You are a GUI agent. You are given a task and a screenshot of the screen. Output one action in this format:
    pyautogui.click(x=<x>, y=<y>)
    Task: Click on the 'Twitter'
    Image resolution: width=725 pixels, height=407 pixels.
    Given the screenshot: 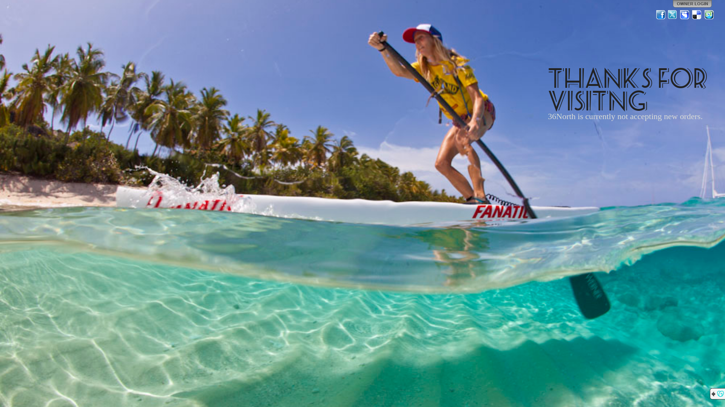 What is the action you would take?
    pyautogui.click(x=673, y=14)
    